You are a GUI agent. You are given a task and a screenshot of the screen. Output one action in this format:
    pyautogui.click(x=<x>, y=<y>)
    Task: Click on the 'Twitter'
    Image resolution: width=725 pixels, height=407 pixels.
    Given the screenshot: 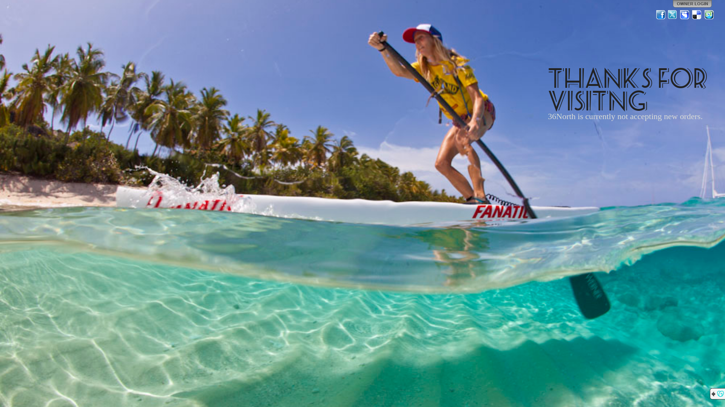 What is the action you would take?
    pyautogui.click(x=673, y=14)
    